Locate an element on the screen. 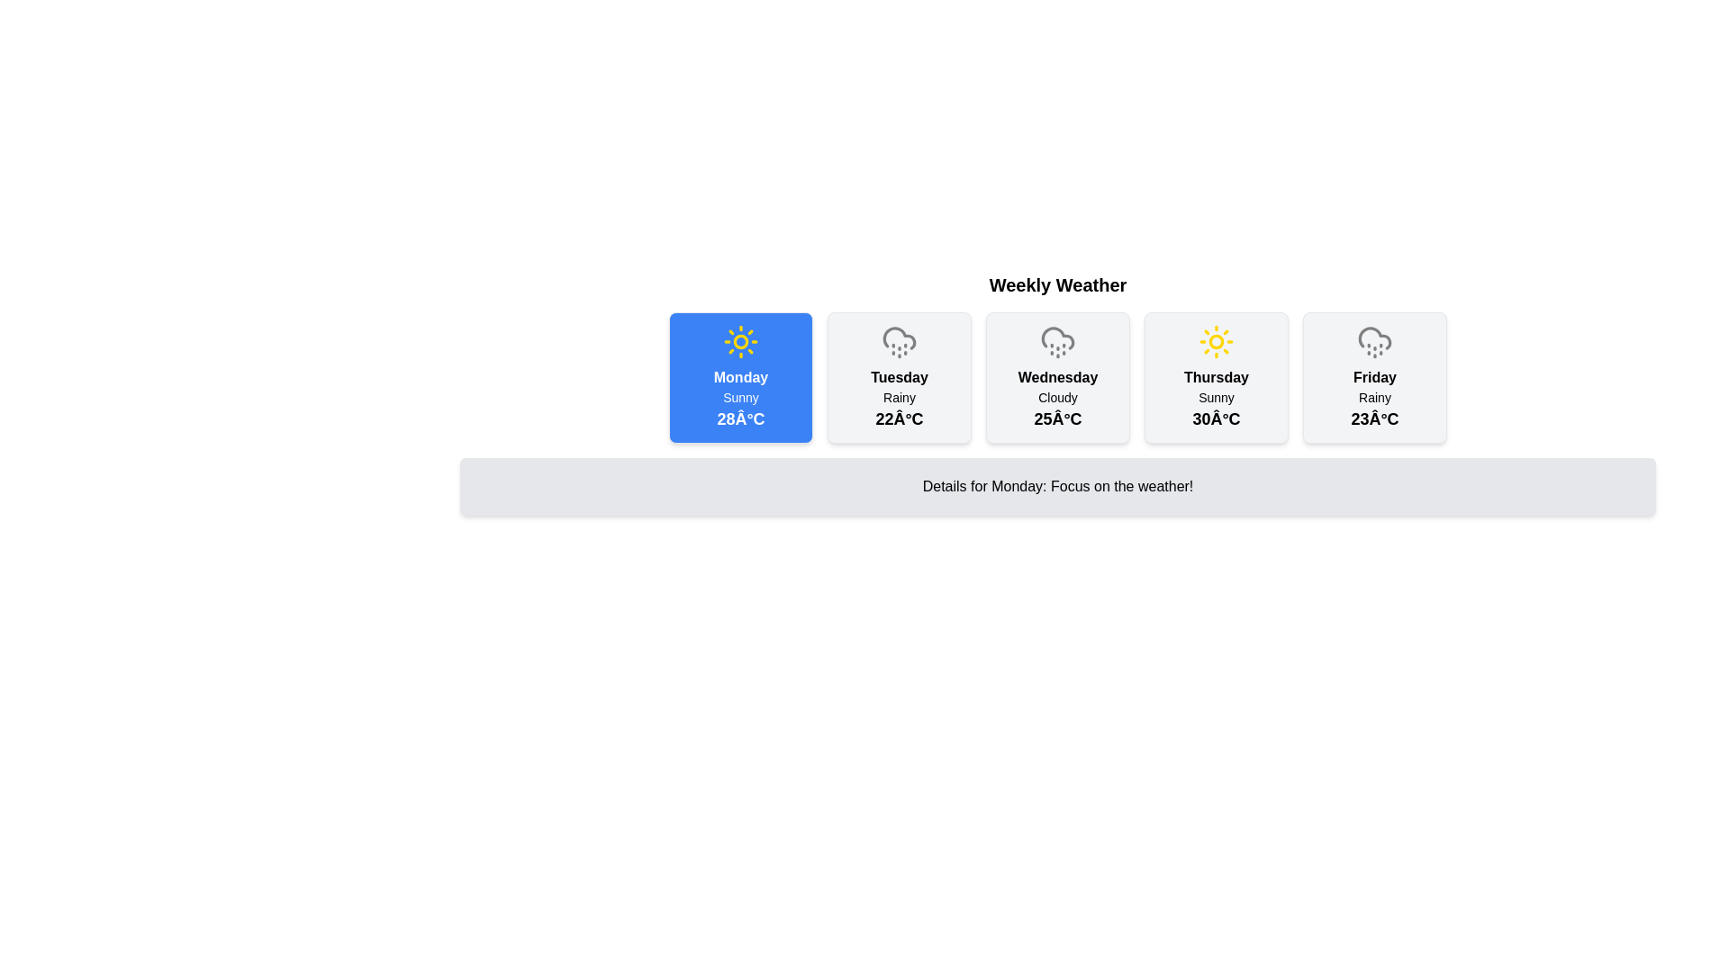  the sunny weather icon for Thursday located in the top row of the weather forecast widget is located at coordinates (1216, 342).